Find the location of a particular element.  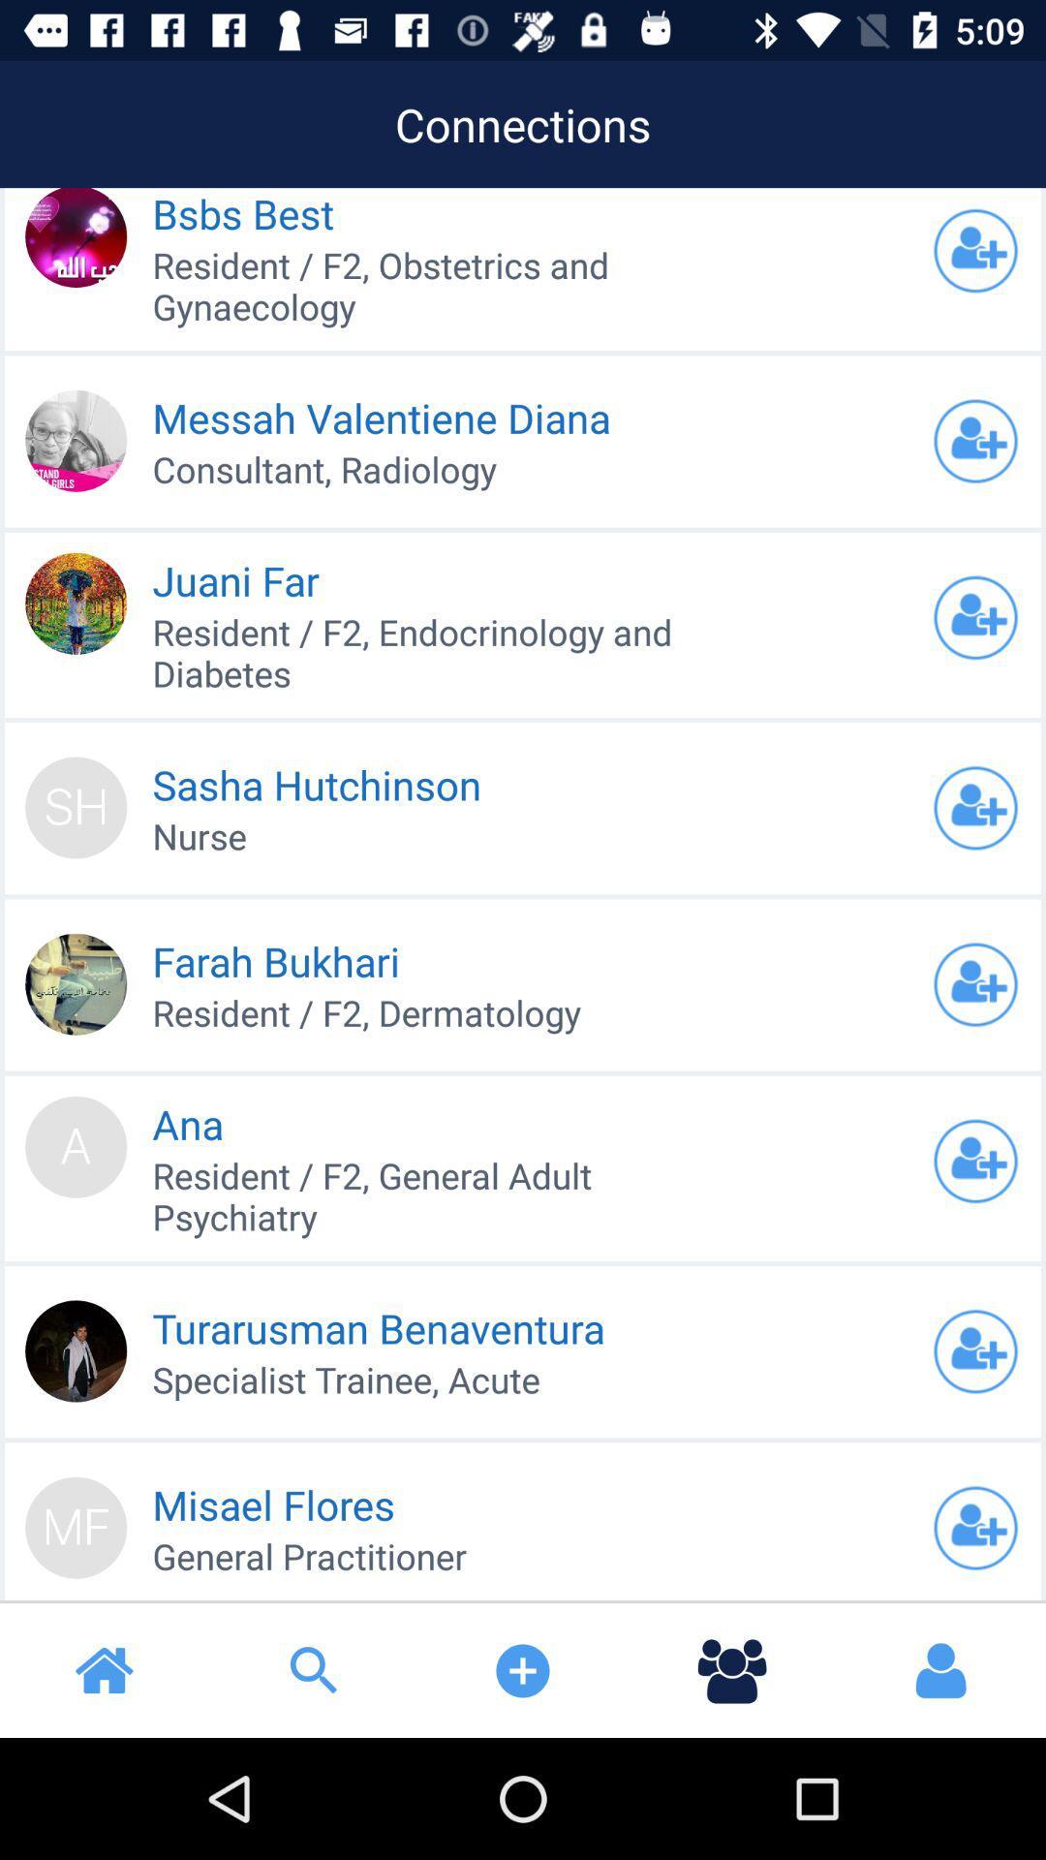

open profile is located at coordinates (975, 984).